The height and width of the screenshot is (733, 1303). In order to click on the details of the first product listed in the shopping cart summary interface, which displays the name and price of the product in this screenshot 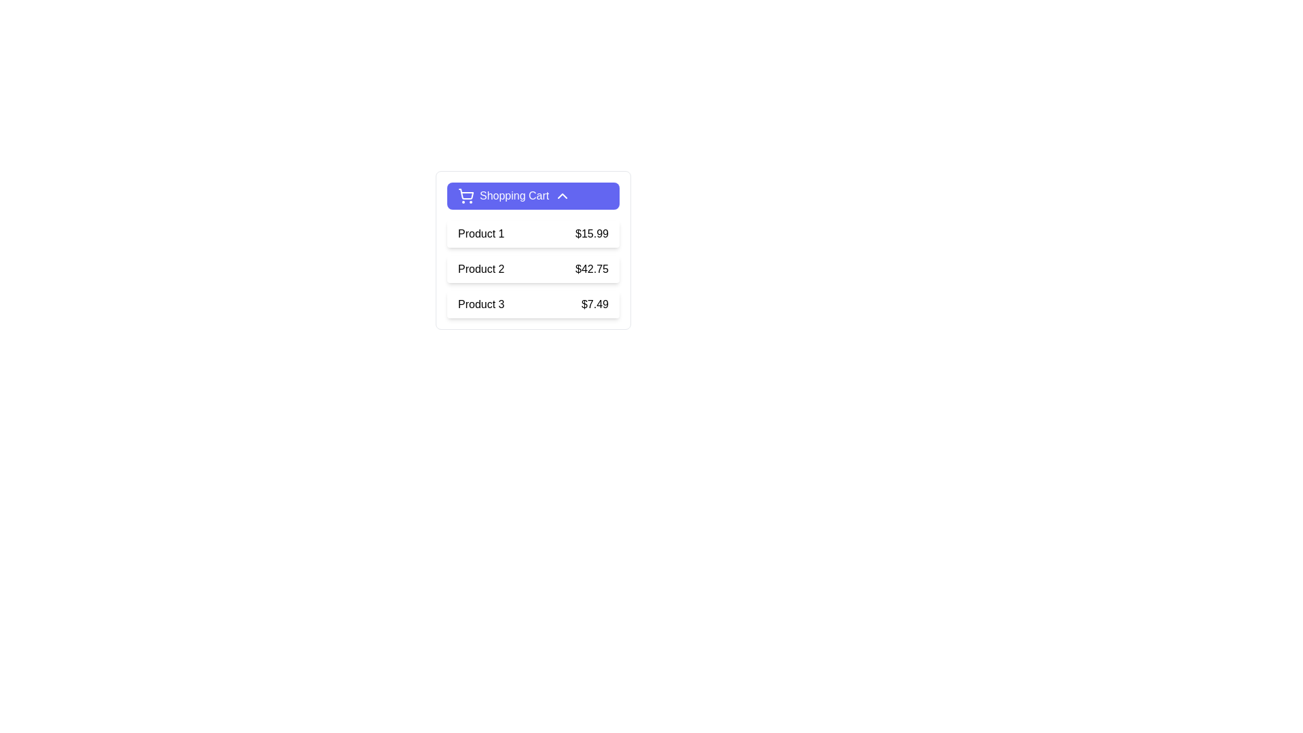, I will do `click(533, 233)`.